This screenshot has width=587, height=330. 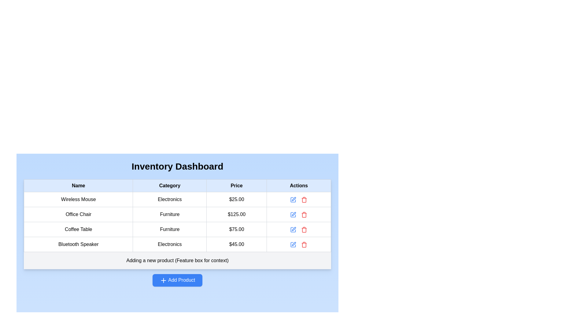 What do you see at coordinates (304, 245) in the screenshot?
I see `the red trash bin icon in the 'Actions' column` at bounding box center [304, 245].